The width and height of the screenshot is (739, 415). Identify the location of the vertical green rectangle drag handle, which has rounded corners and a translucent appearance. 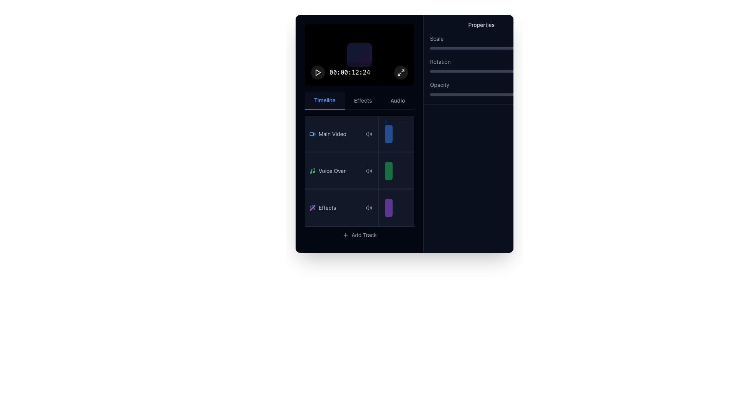
(396, 171).